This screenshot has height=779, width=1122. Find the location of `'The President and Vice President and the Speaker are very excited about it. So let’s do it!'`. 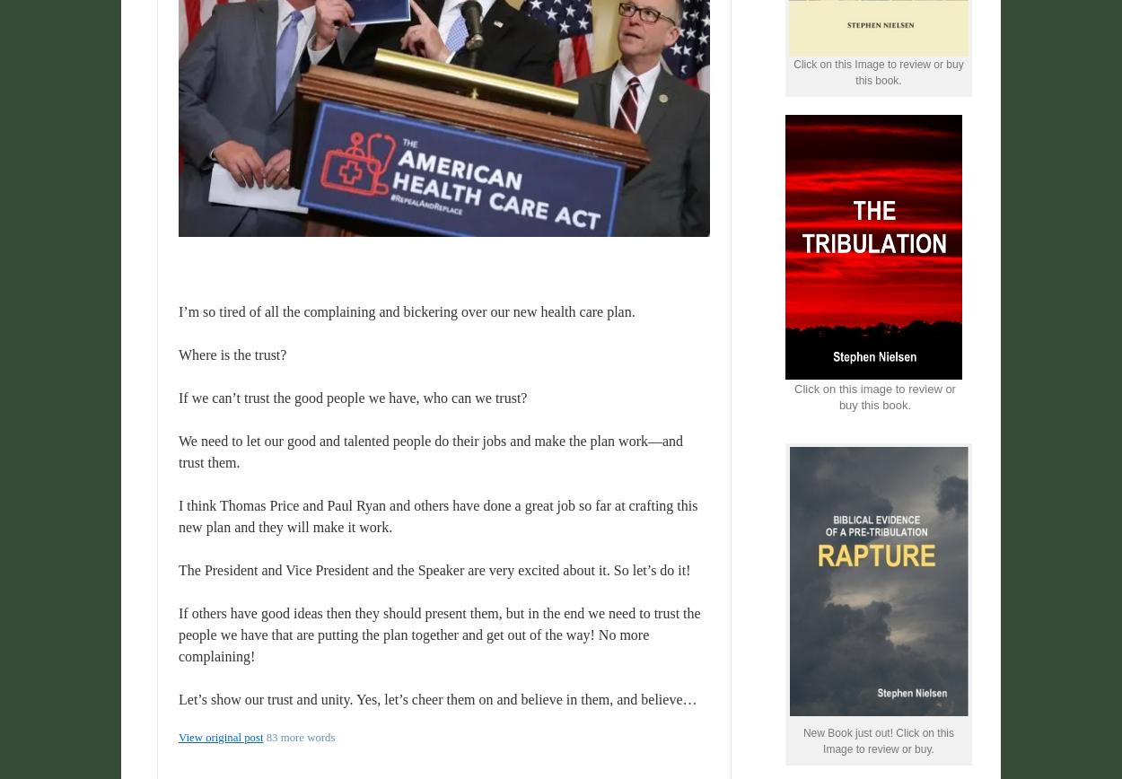

'The President and Vice President and the Speaker are very excited about it. So let’s do it!' is located at coordinates (434, 569).